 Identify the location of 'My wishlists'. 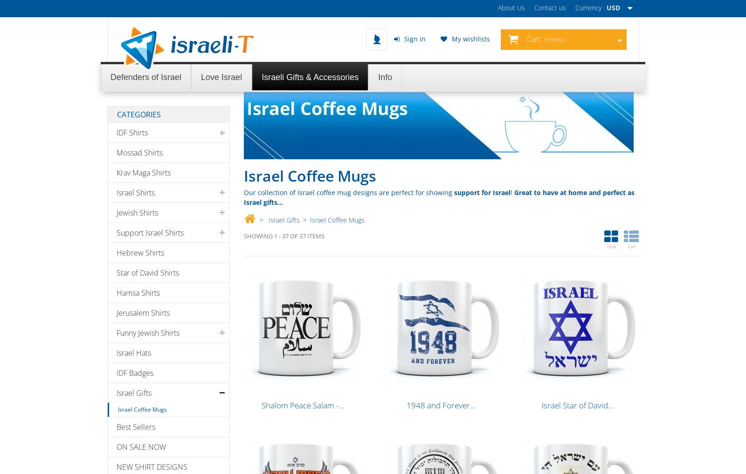
(451, 39).